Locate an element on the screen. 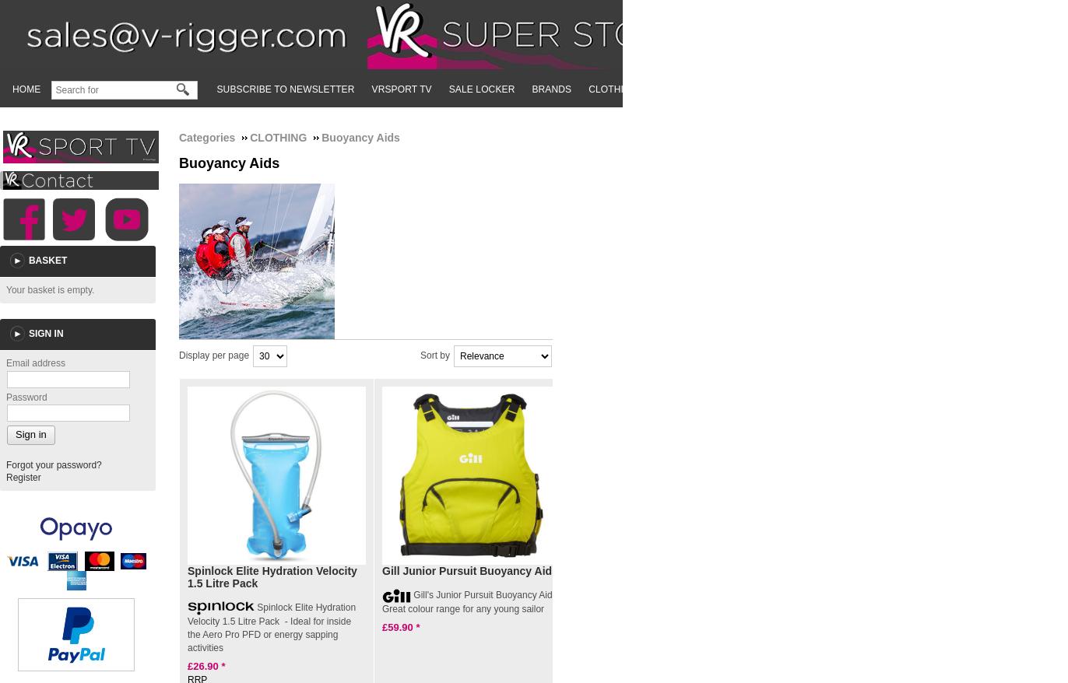 The height and width of the screenshot is (683, 1068). 'Spinlock Elite Hydration Velocity 1.5 Litre Pack' is located at coordinates (272, 576).